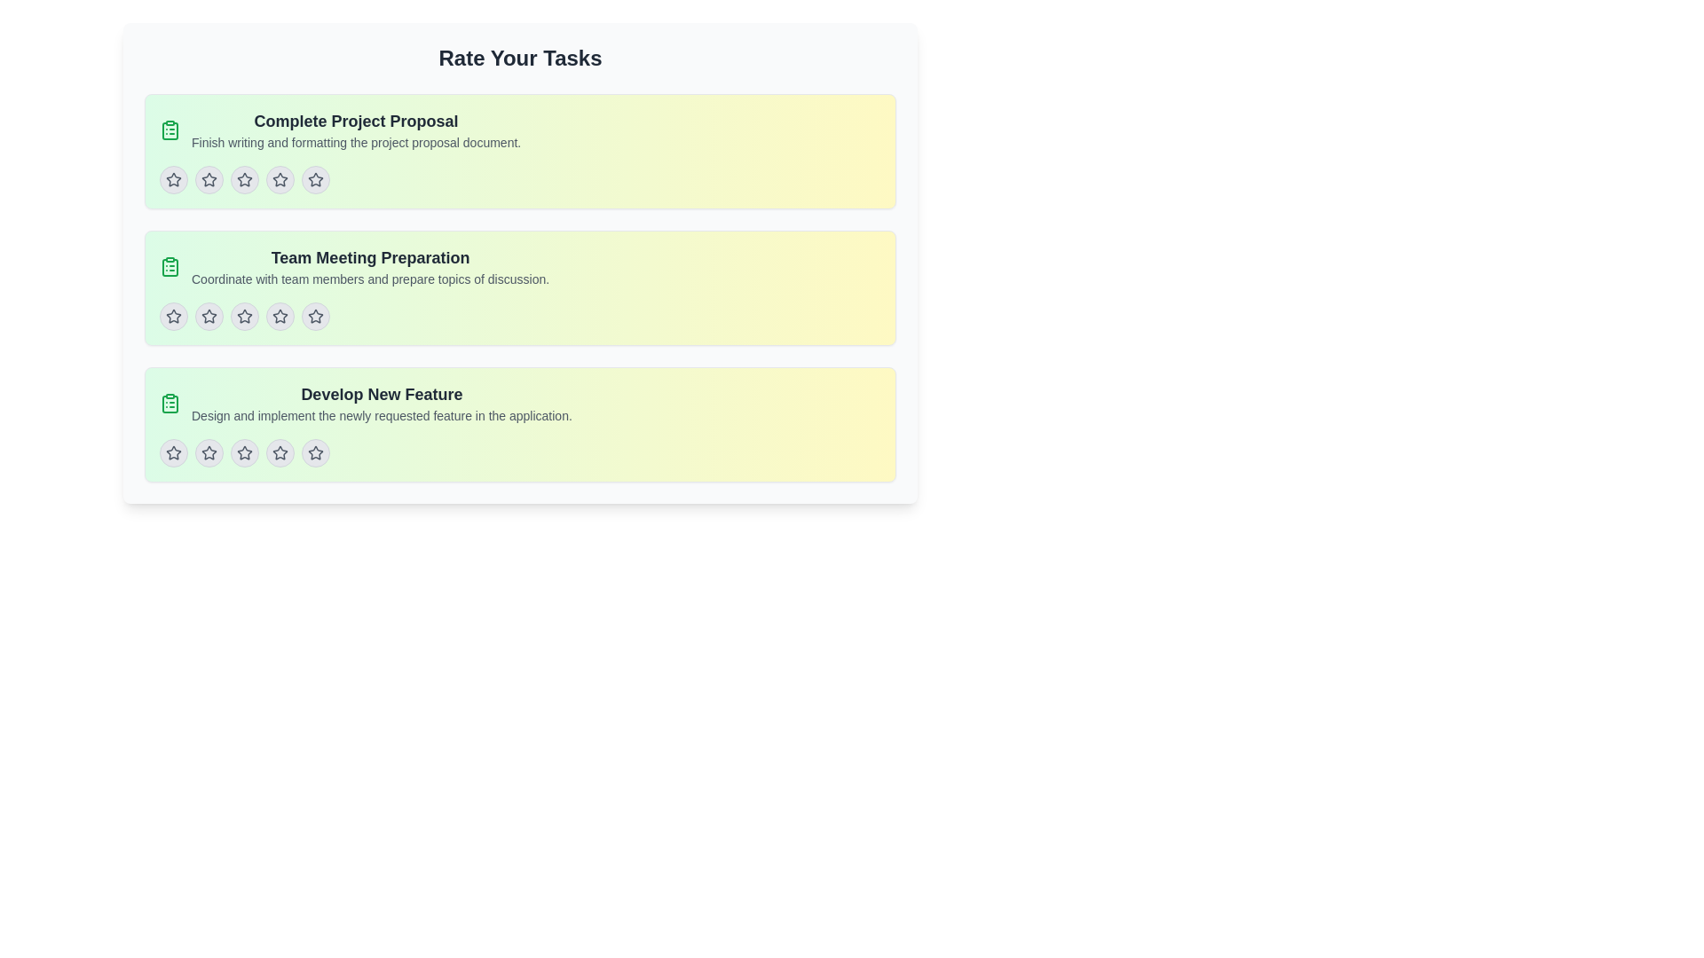  Describe the element at coordinates (315, 180) in the screenshot. I see `the 5th star rating button in the 'Complete Project Proposal' section` at that location.